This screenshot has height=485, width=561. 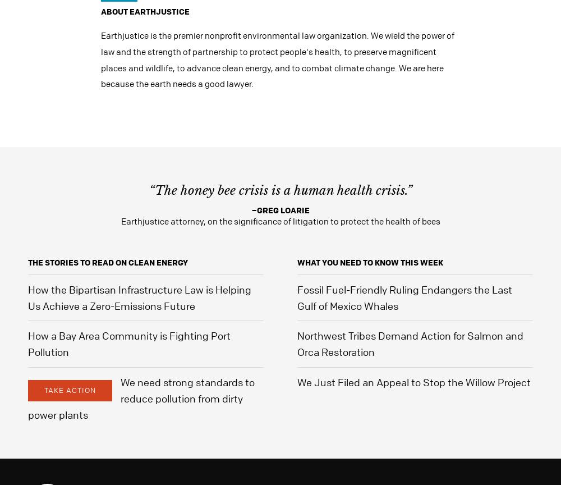 What do you see at coordinates (297, 297) in the screenshot?
I see `'Fossil Fuel-Friendly Ruling Endangers the Last Gulf of Mexico Whales'` at bounding box center [297, 297].